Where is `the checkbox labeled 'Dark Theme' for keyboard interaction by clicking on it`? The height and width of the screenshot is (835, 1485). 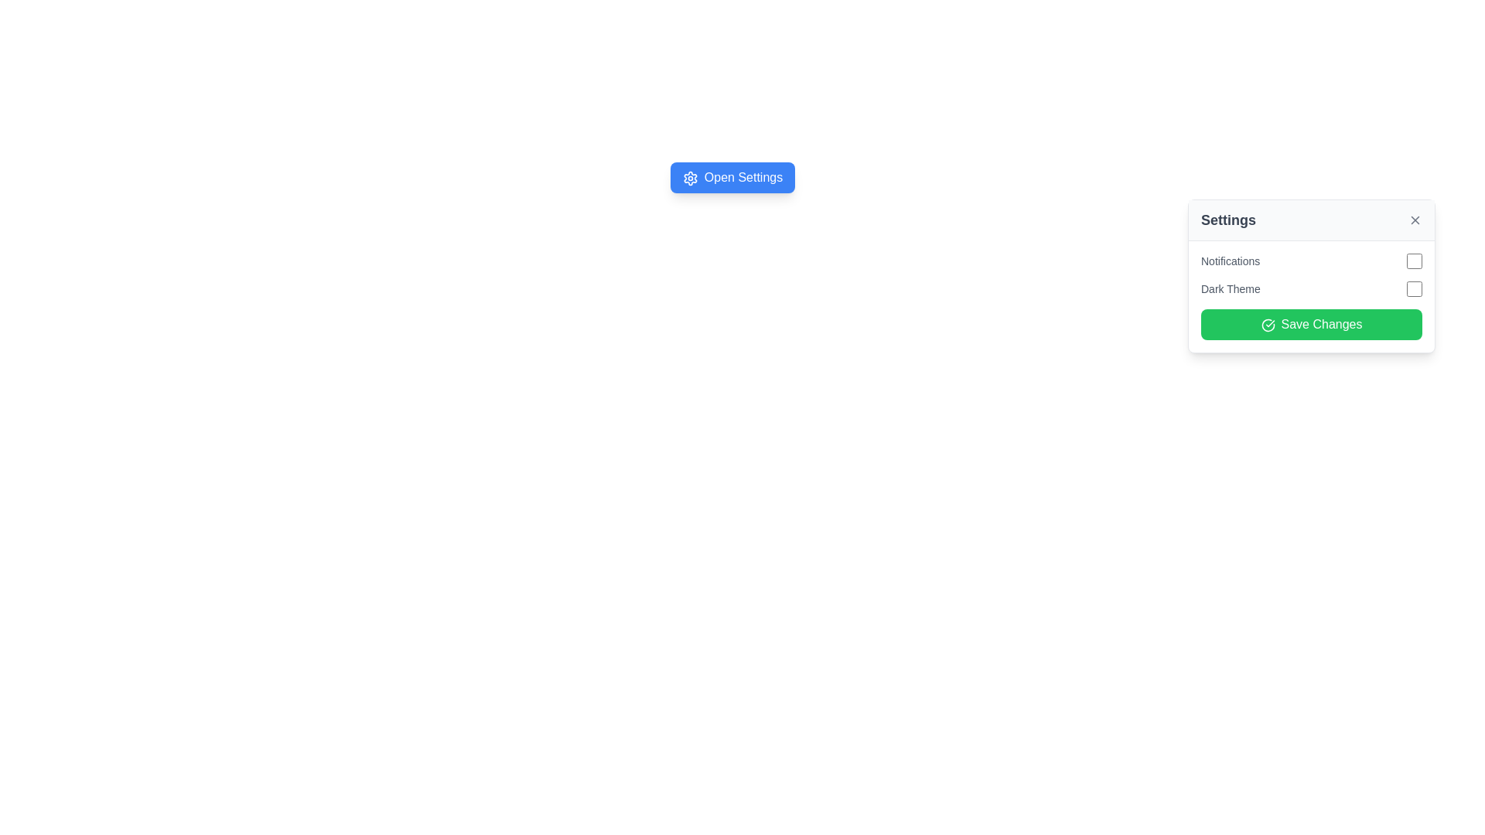
the checkbox labeled 'Dark Theme' for keyboard interaction by clicking on it is located at coordinates (1310, 289).